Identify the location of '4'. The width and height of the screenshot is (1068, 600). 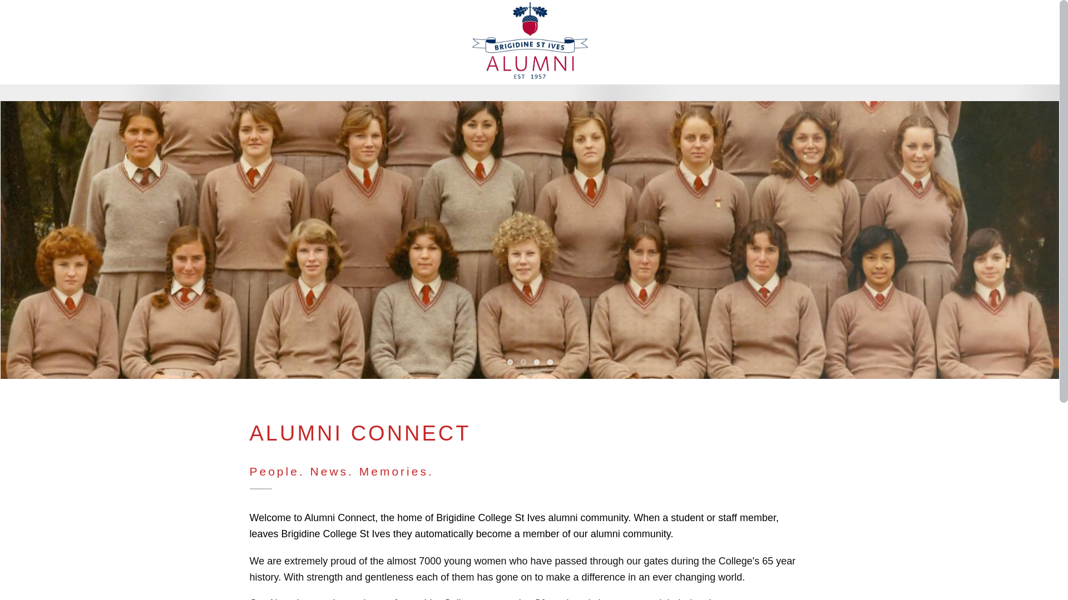
(550, 362).